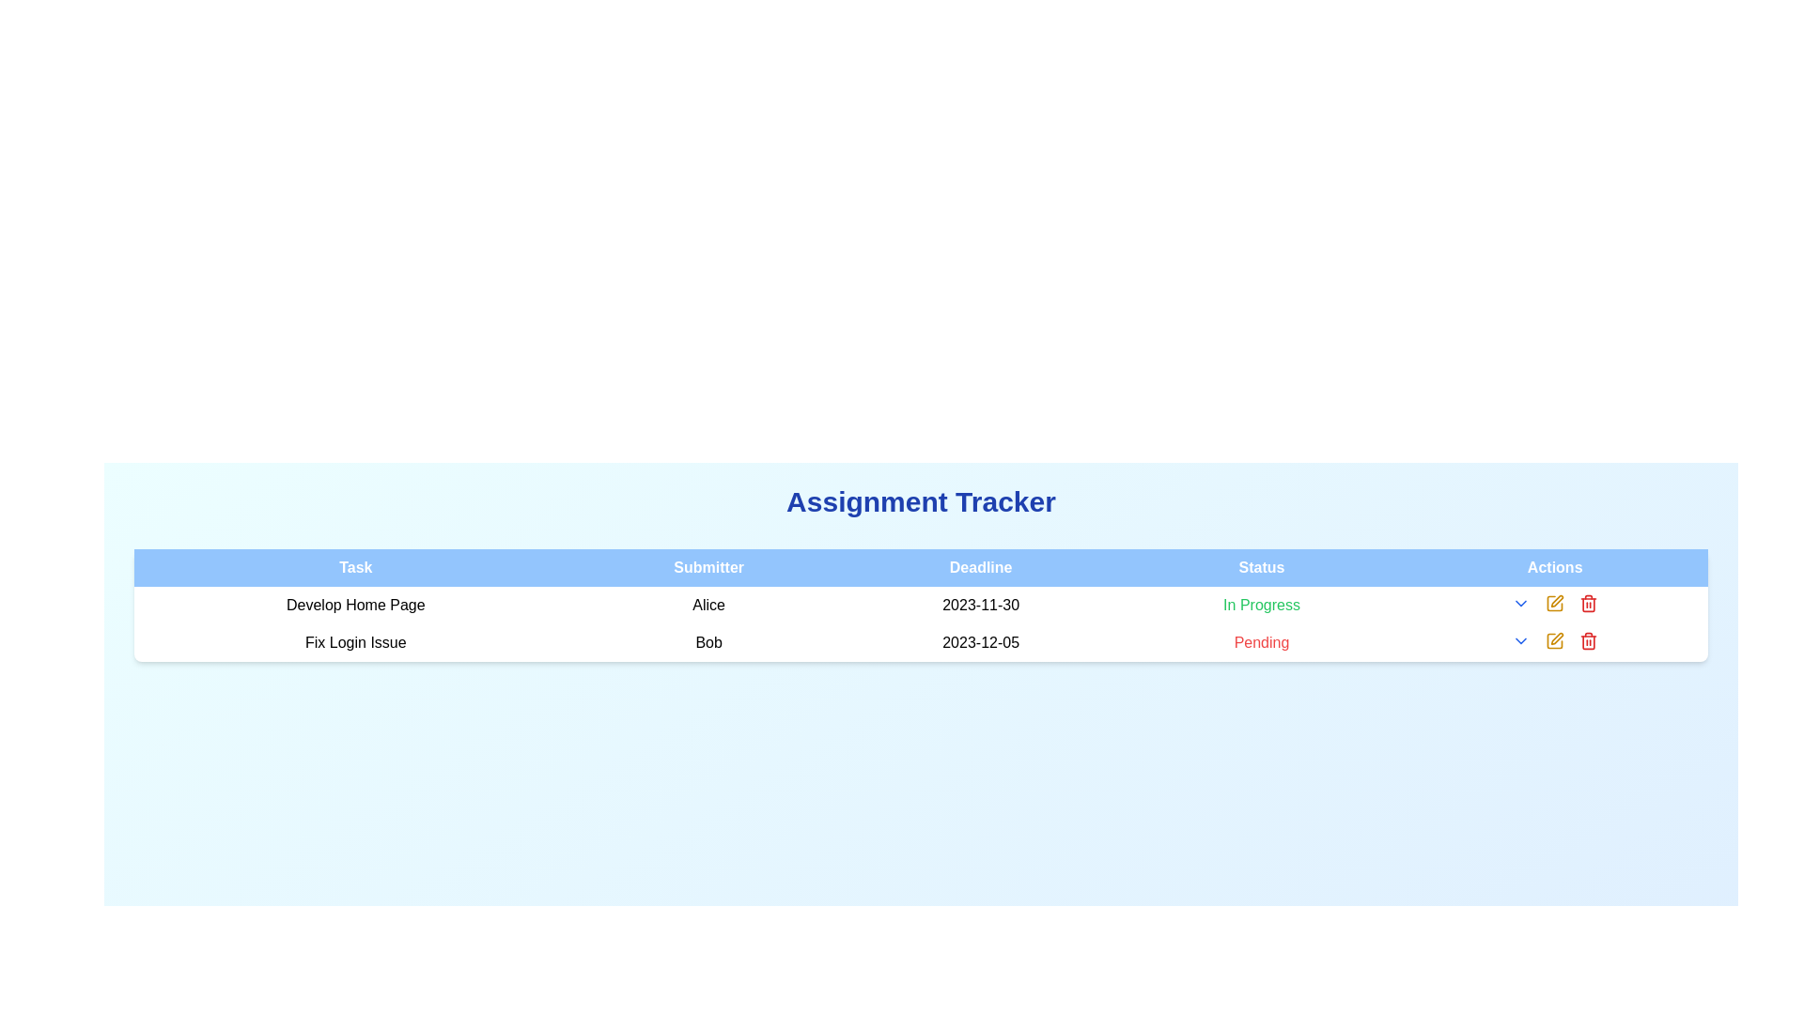 The width and height of the screenshot is (1804, 1014). Describe the element at coordinates (1555, 604) in the screenshot. I see `the edit button located in the 'Actions' column of the second row for the task 'Fix Login Issue'` at that location.